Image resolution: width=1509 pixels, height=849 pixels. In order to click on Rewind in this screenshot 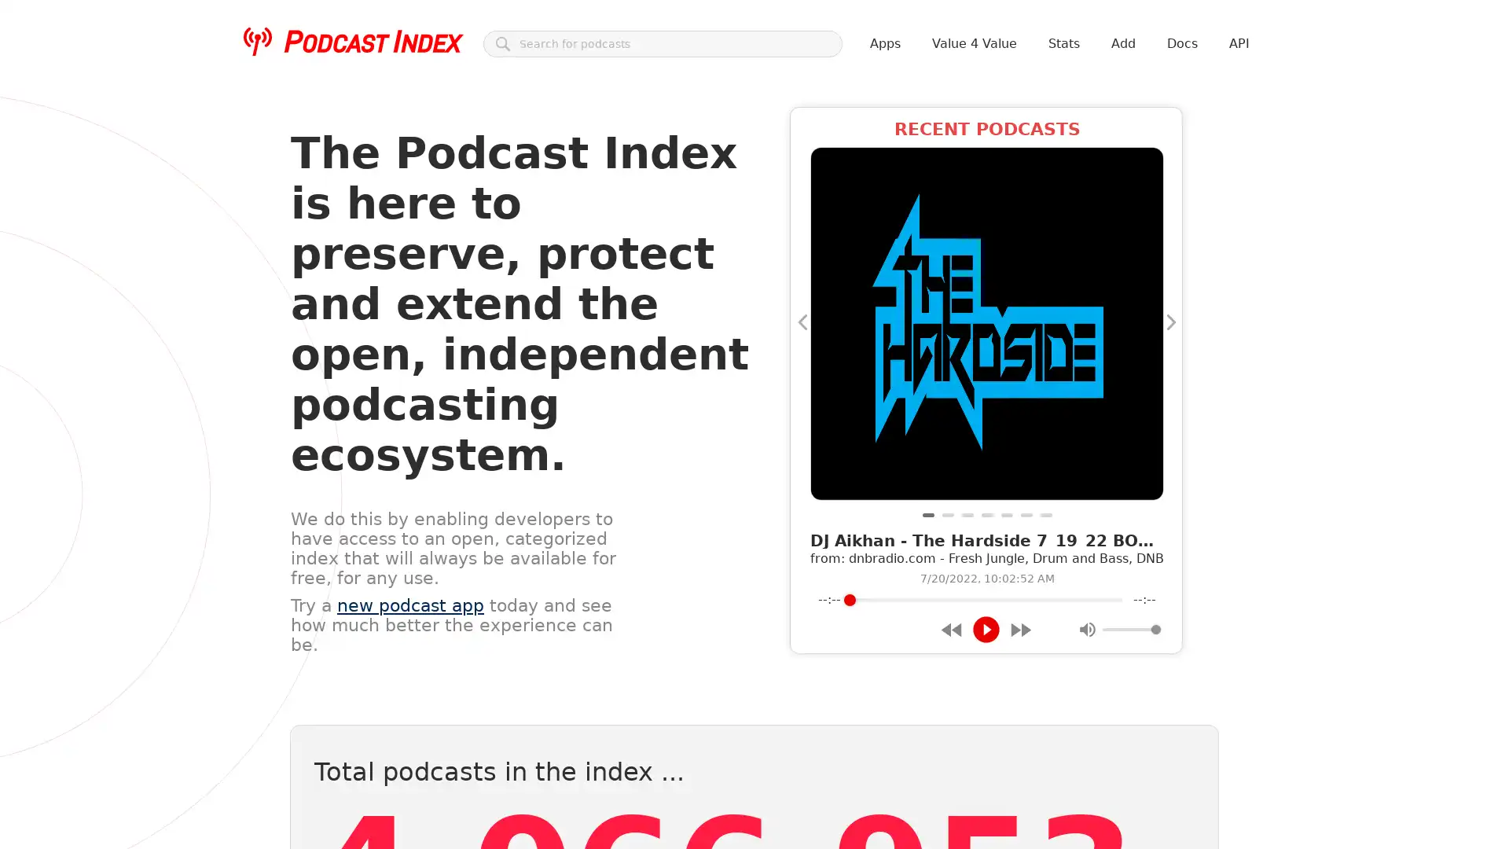, I will do `click(951, 628)`.